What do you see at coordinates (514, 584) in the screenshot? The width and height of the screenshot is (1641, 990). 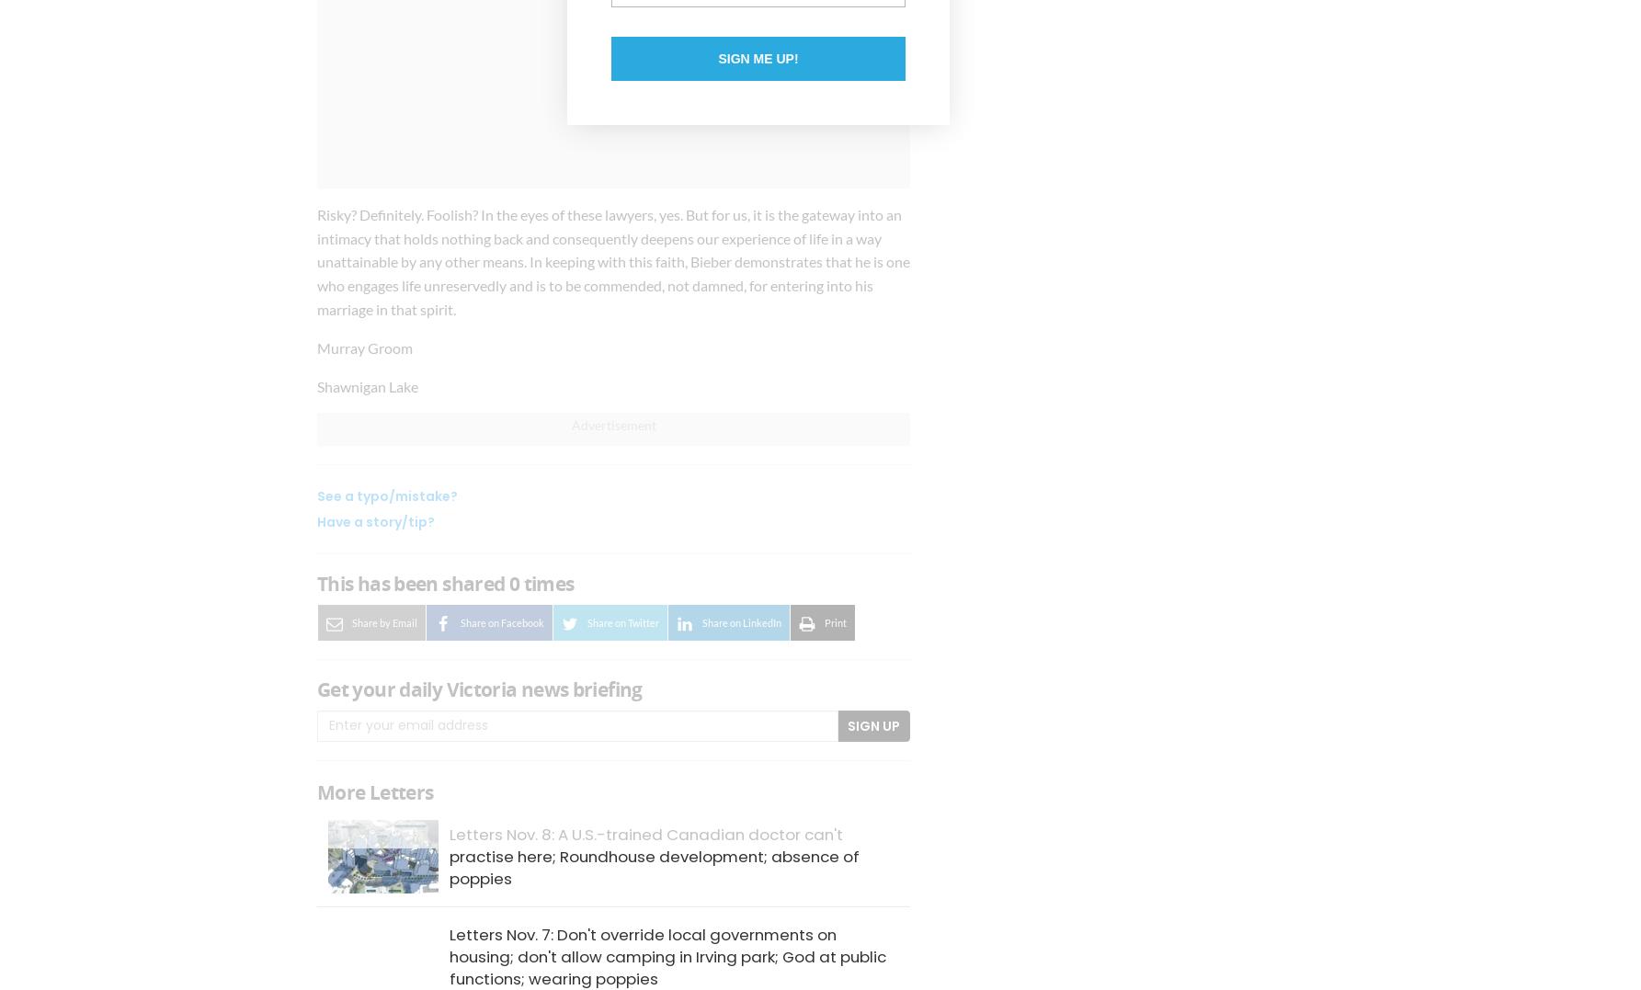 I see `'0'` at bounding box center [514, 584].